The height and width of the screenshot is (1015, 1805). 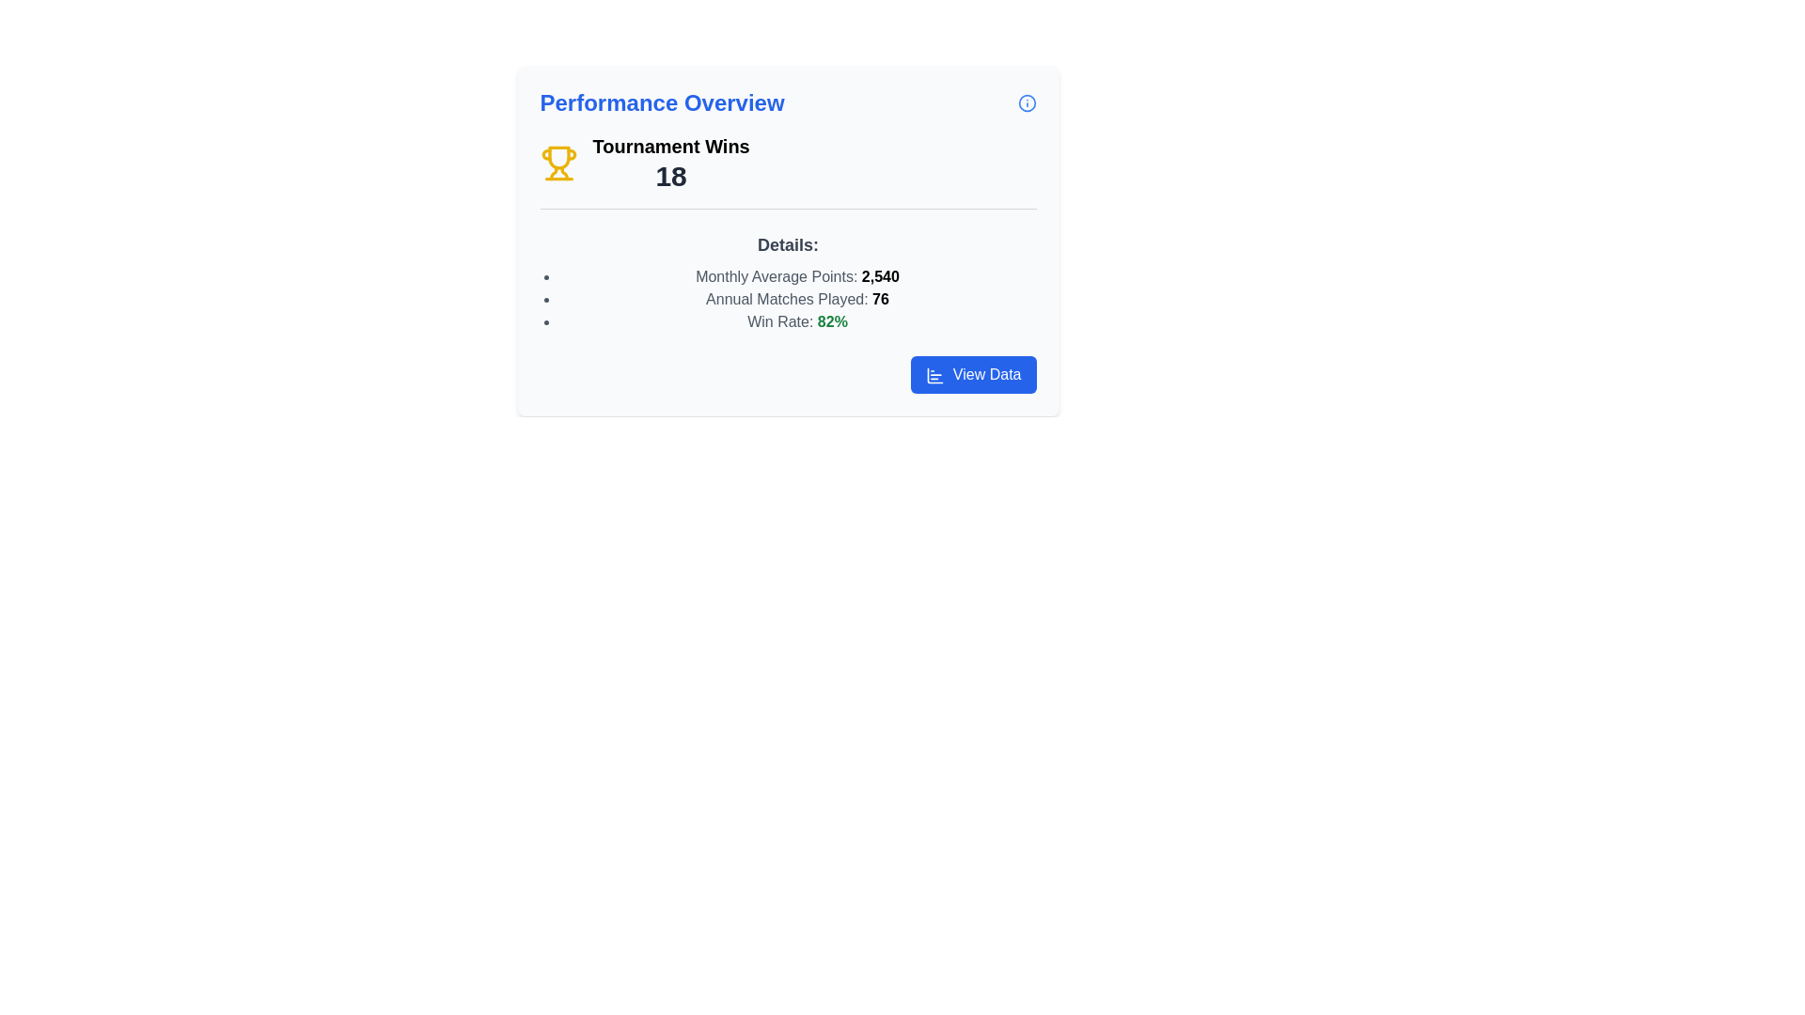 I want to click on the text label 'Tournament Wins' which is prominently displayed in bold near a yellow trophy icon, indicating the title for the numerical value below it, so click(x=671, y=145).